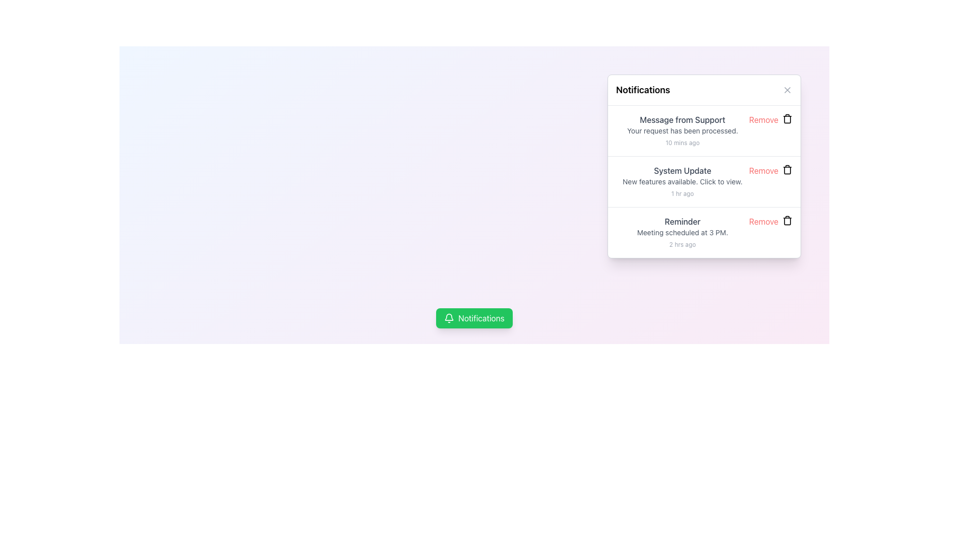 The image size is (968, 544). Describe the element at coordinates (682, 143) in the screenshot. I see `text label that indicates the time elapsed since the notification was generated, located at the bottom-right corner of the 'Message from Support' notification` at that location.